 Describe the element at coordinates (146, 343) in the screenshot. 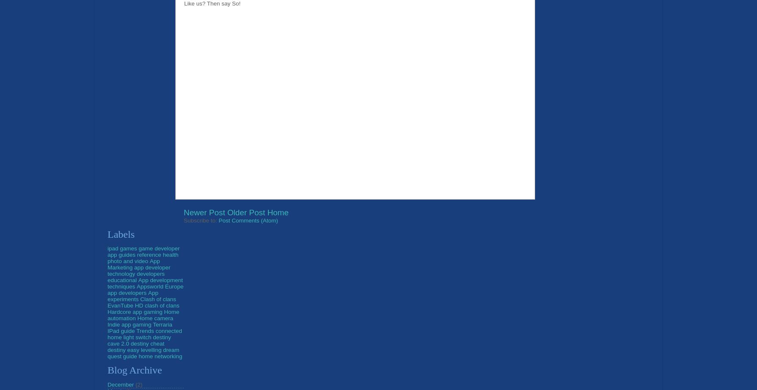

I see `'destiny cheat'` at that location.